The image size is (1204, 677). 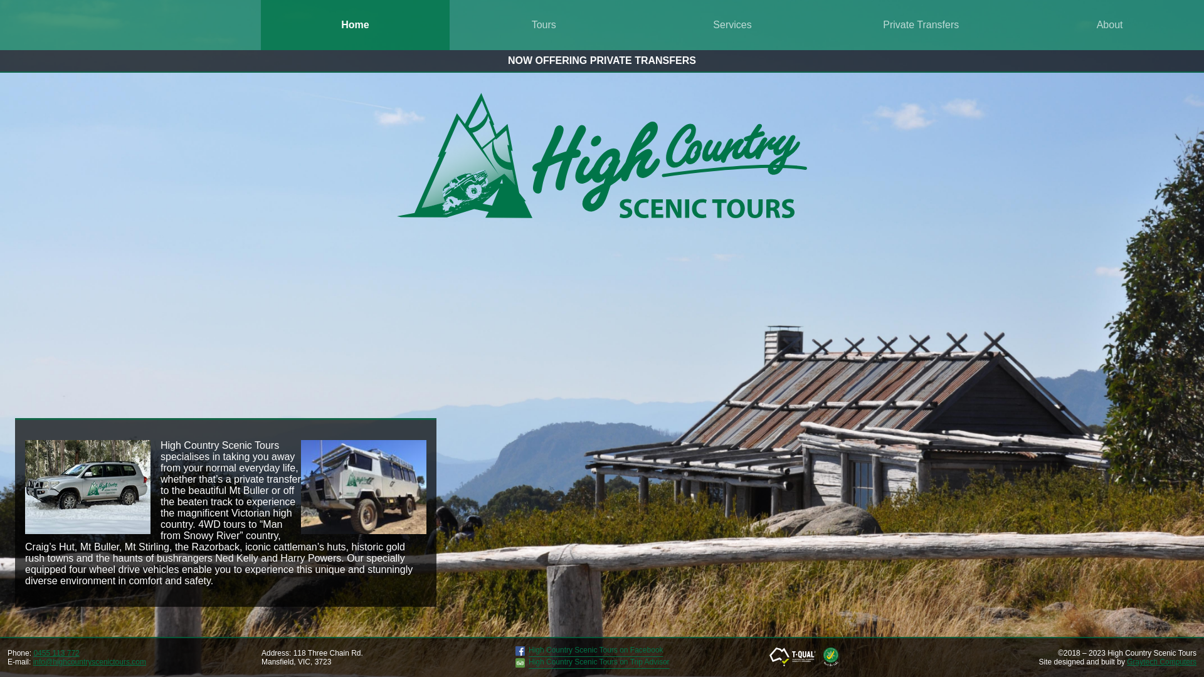 I want to click on 'High Country Scenic Tours on Trip Advisor', so click(x=592, y=664).